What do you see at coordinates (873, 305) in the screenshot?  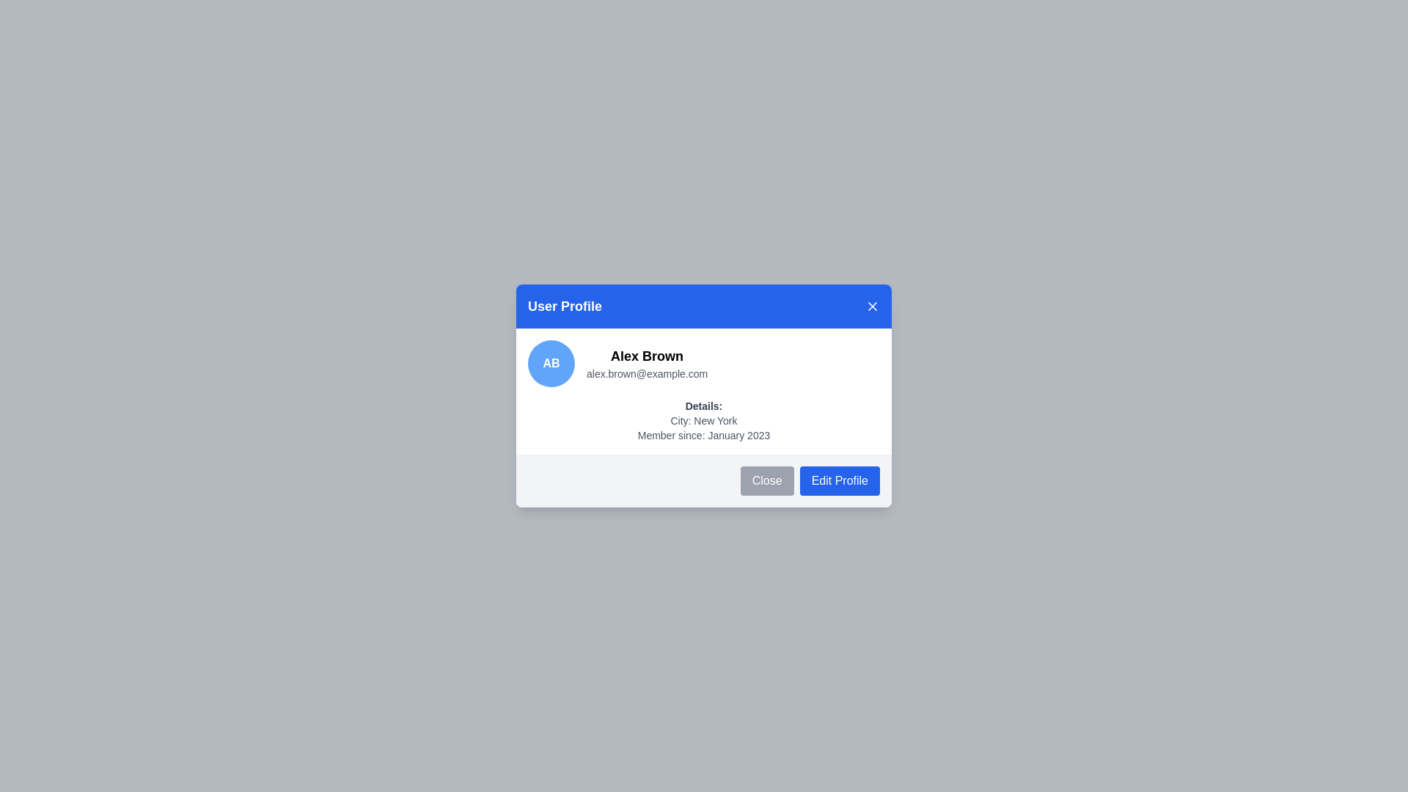 I see `the close button located at the top-right corner of the 'User Profile' modal header` at bounding box center [873, 305].